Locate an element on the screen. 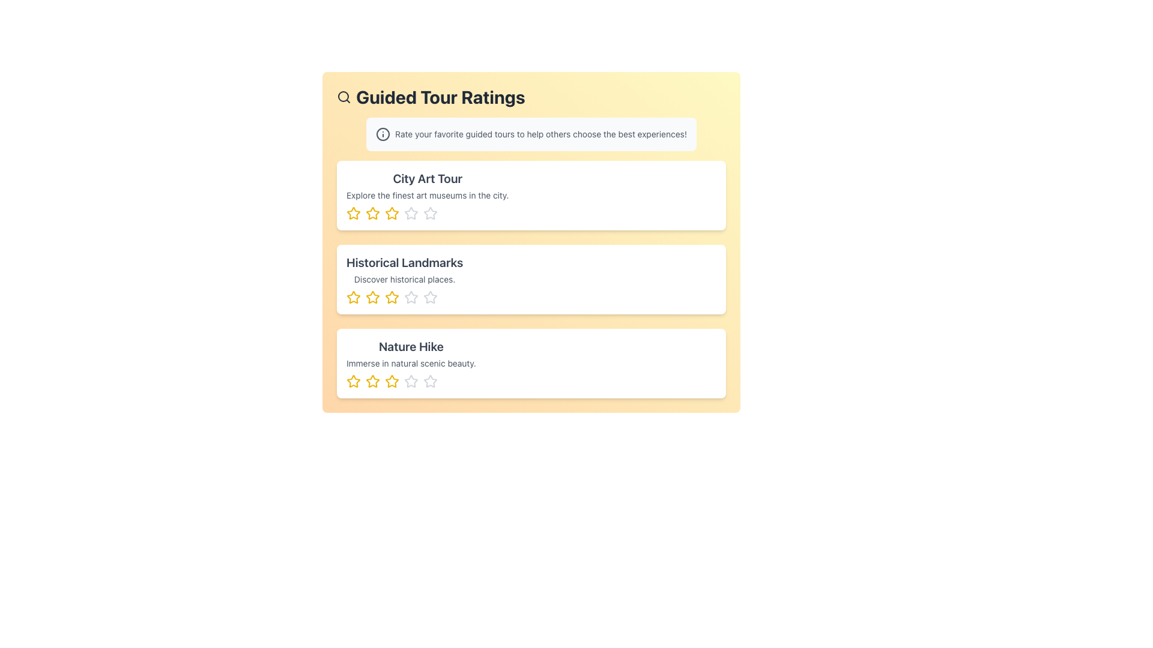  the third star icon in the 'Historical Landmarks' rating section is located at coordinates (430, 297).